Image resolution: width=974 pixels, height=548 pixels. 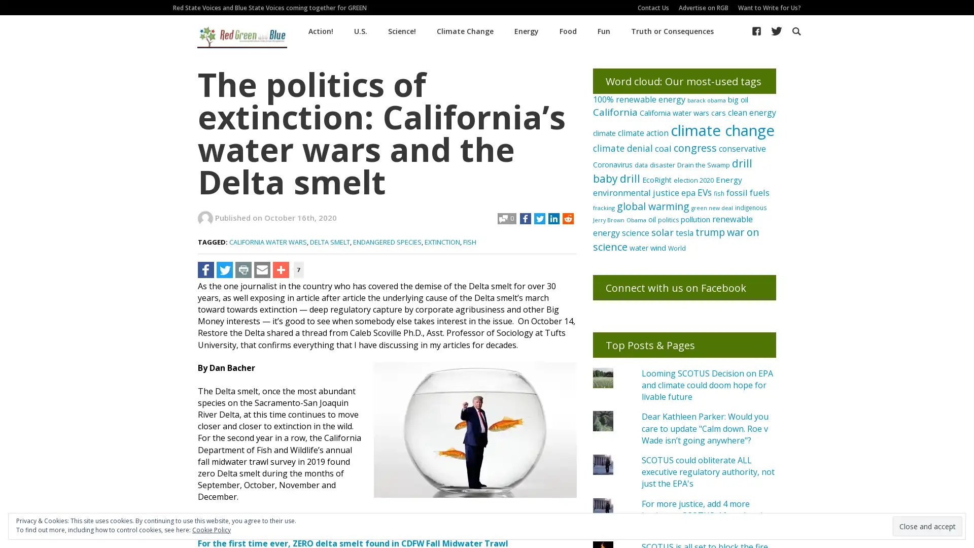 What do you see at coordinates (927, 526) in the screenshot?
I see `Close and accept` at bounding box center [927, 526].